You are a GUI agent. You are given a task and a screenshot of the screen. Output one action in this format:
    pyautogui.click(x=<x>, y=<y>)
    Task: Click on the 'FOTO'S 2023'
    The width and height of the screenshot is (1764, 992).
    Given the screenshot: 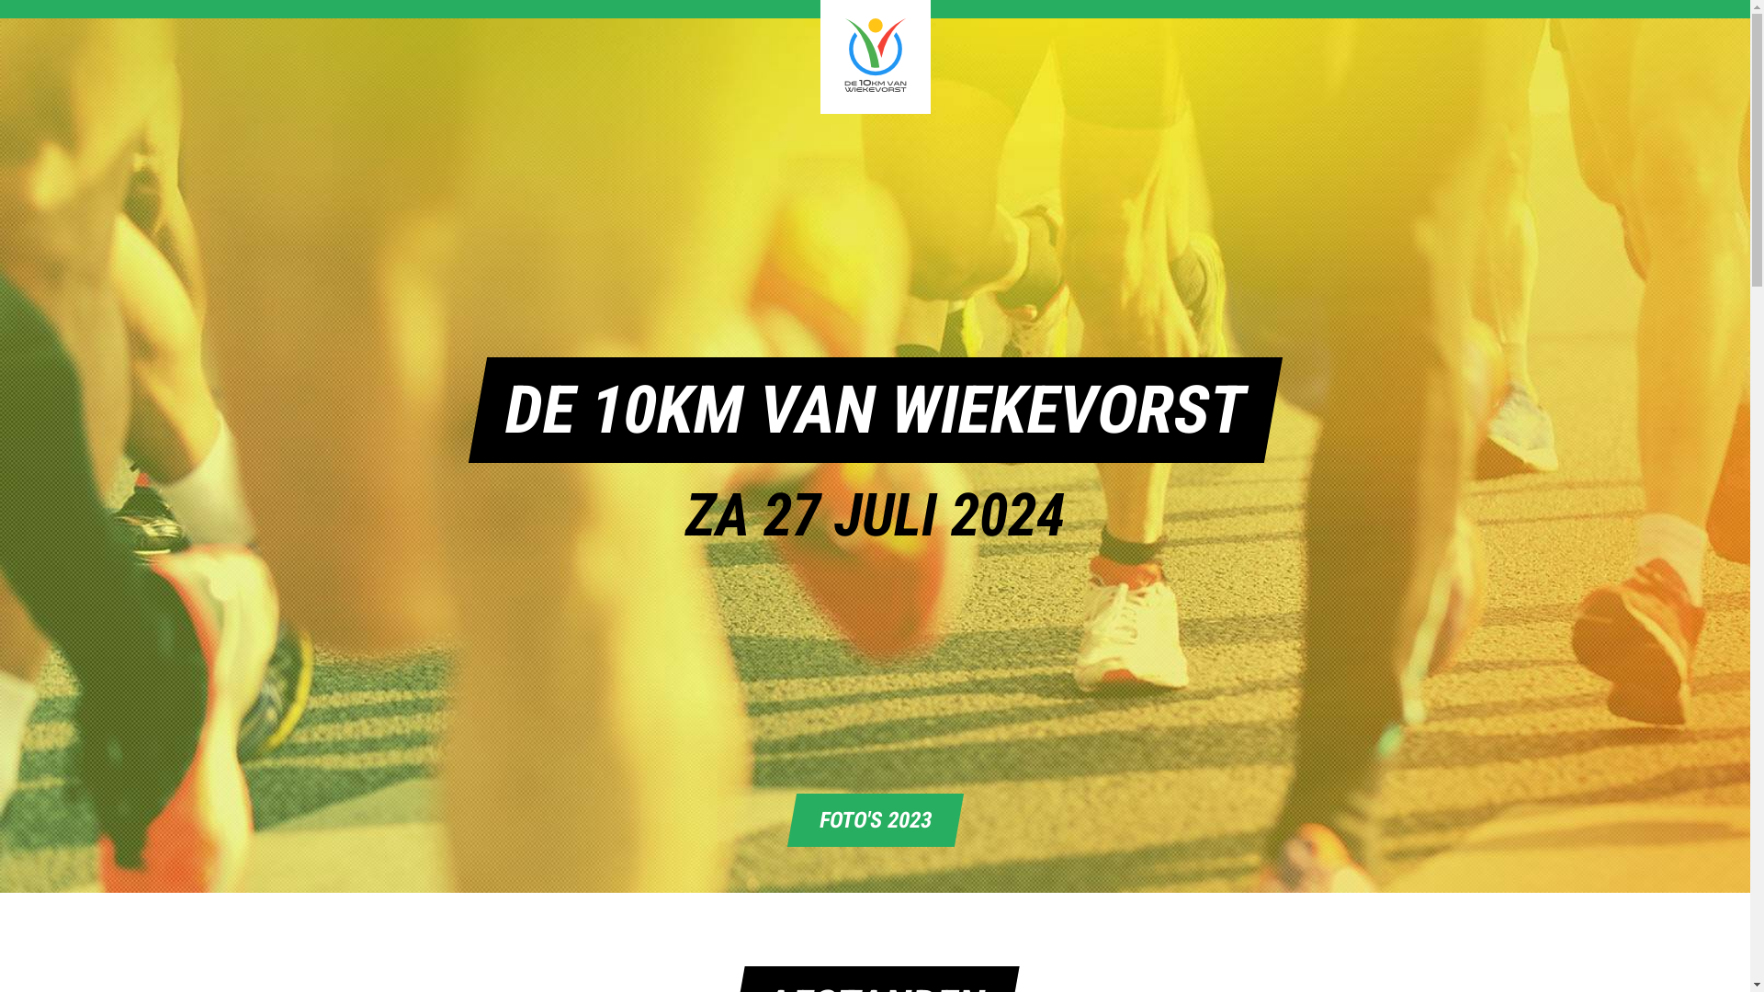 What is the action you would take?
    pyautogui.click(x=868, y=819)
    